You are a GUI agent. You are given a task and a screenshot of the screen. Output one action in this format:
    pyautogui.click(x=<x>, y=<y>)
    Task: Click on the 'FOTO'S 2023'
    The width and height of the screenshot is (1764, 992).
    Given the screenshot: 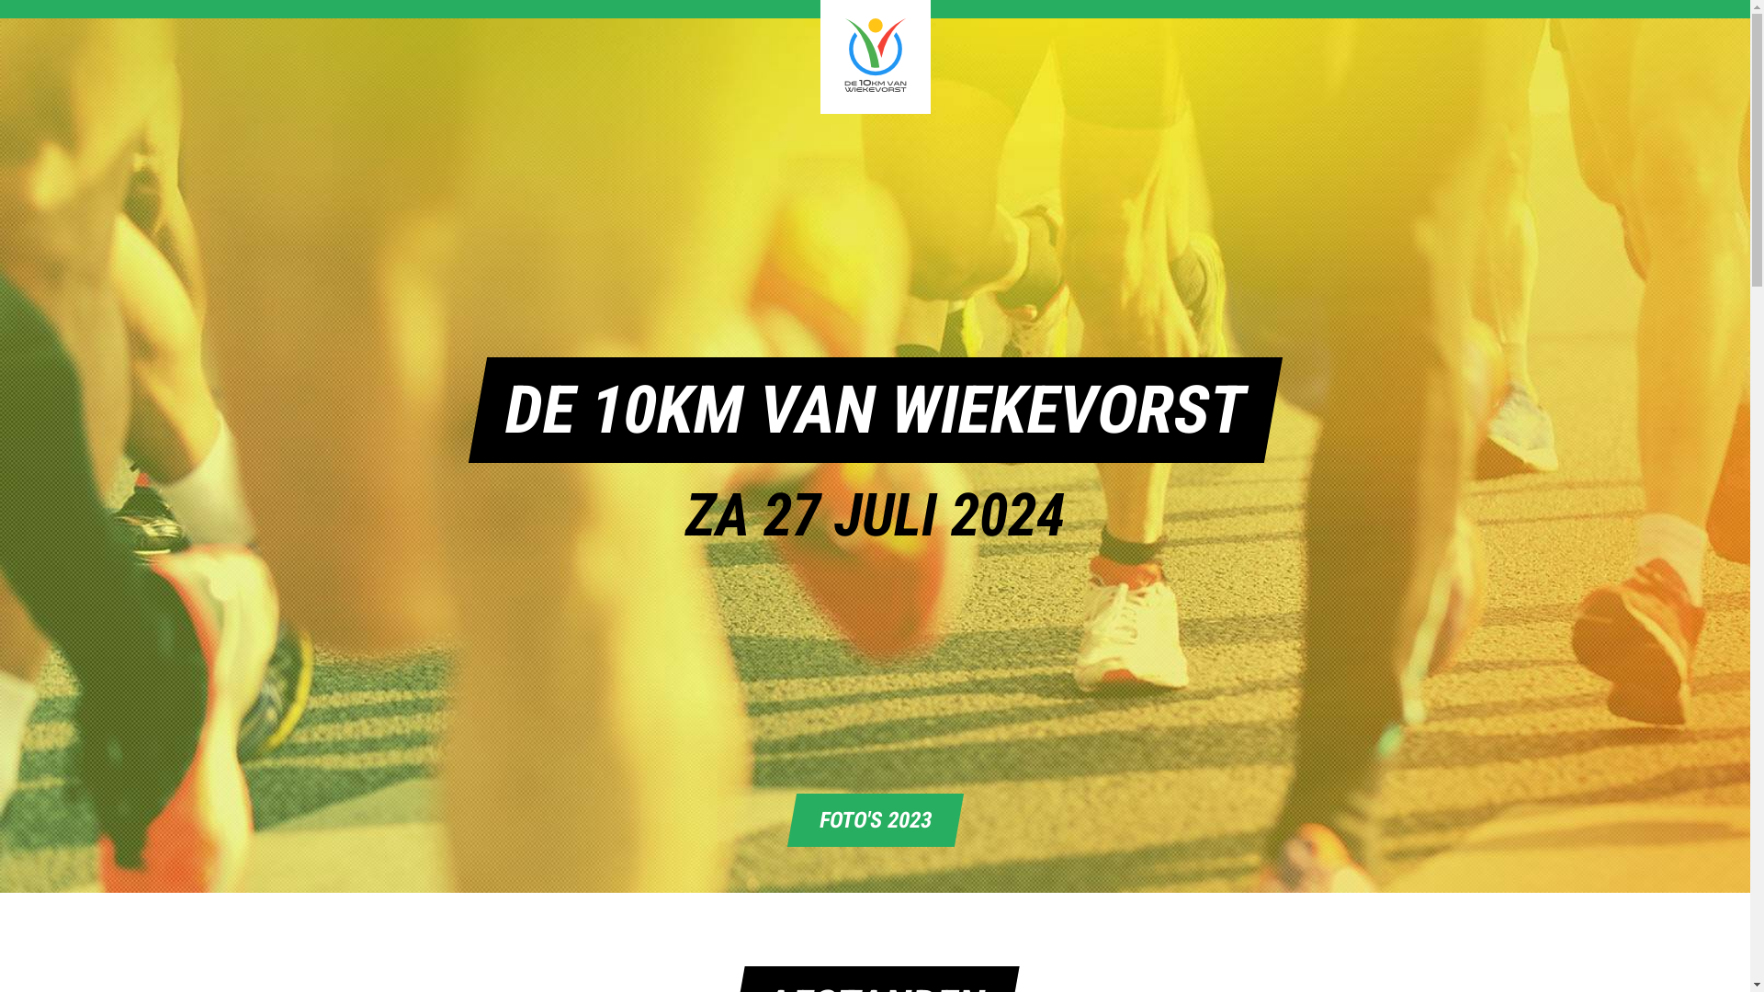 What is the action you would take?
    pyautogui.click(x=868, y=819)
    